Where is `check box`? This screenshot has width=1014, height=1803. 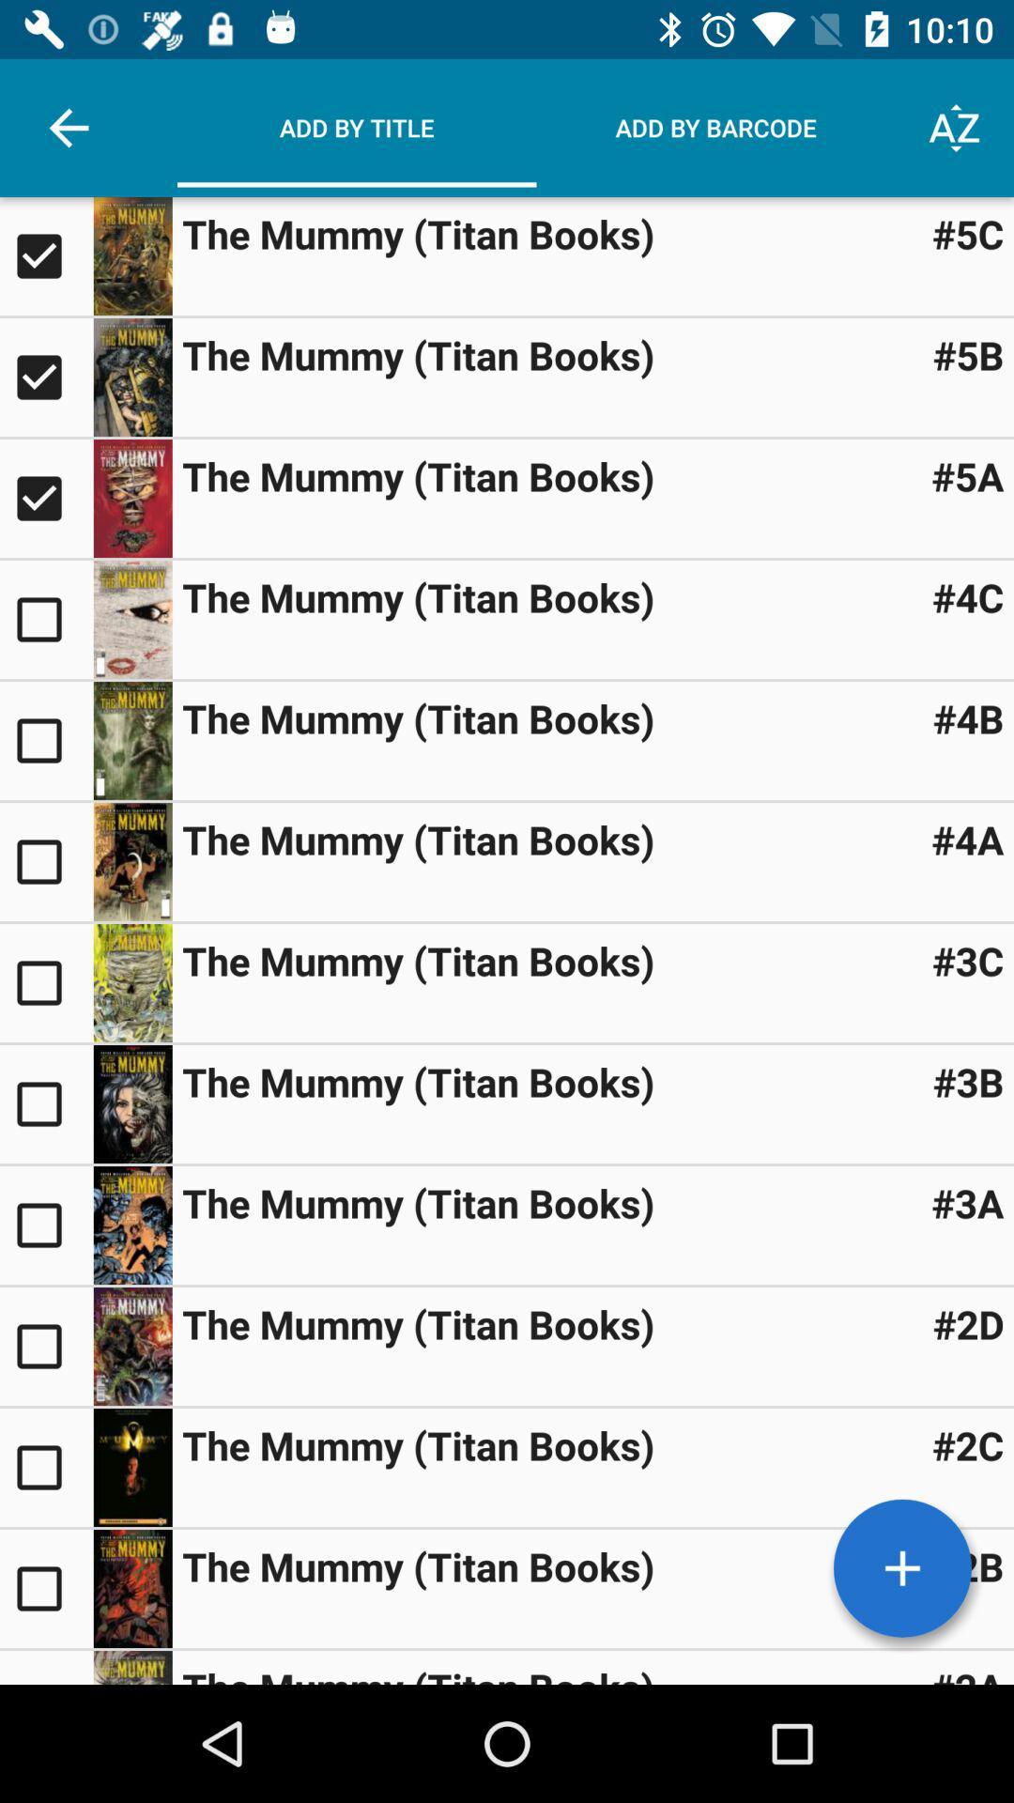
check box is located at coordinates (45, 620).